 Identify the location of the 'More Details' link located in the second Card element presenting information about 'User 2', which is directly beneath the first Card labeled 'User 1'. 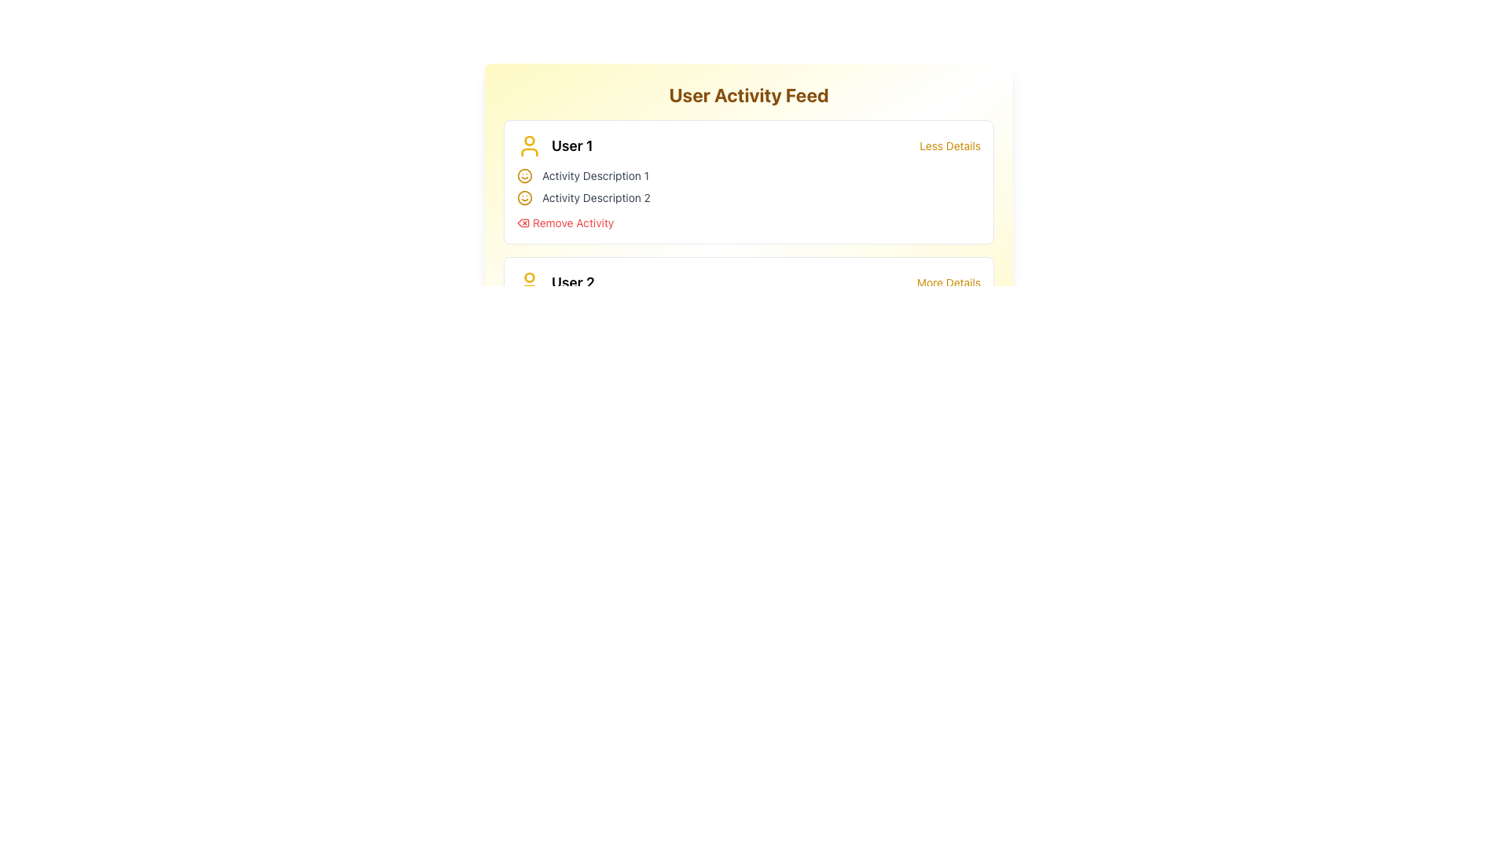
(748, 281).